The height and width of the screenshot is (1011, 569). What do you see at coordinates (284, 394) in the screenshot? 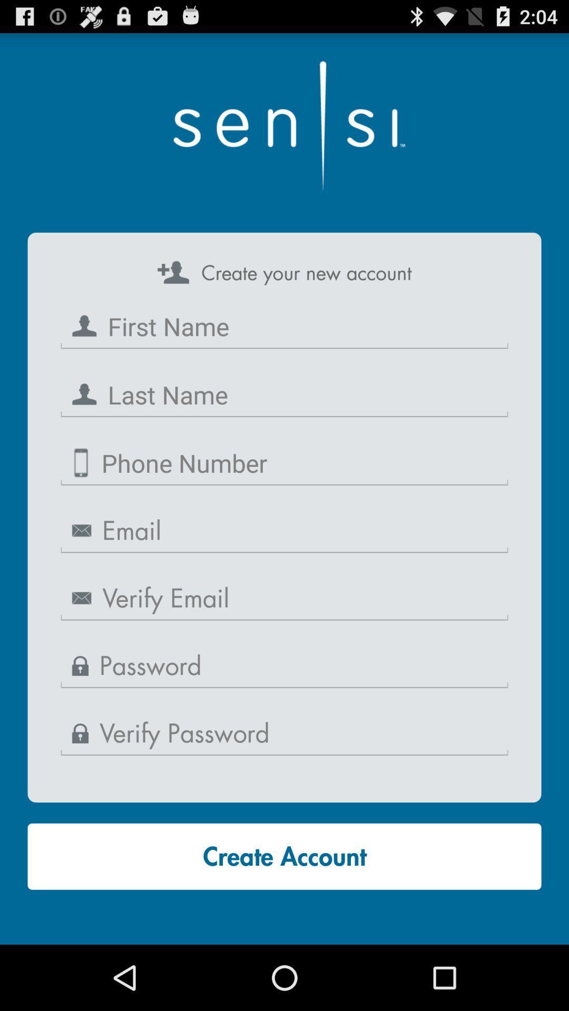
I see `last name field` at bounding box center [284, 394].